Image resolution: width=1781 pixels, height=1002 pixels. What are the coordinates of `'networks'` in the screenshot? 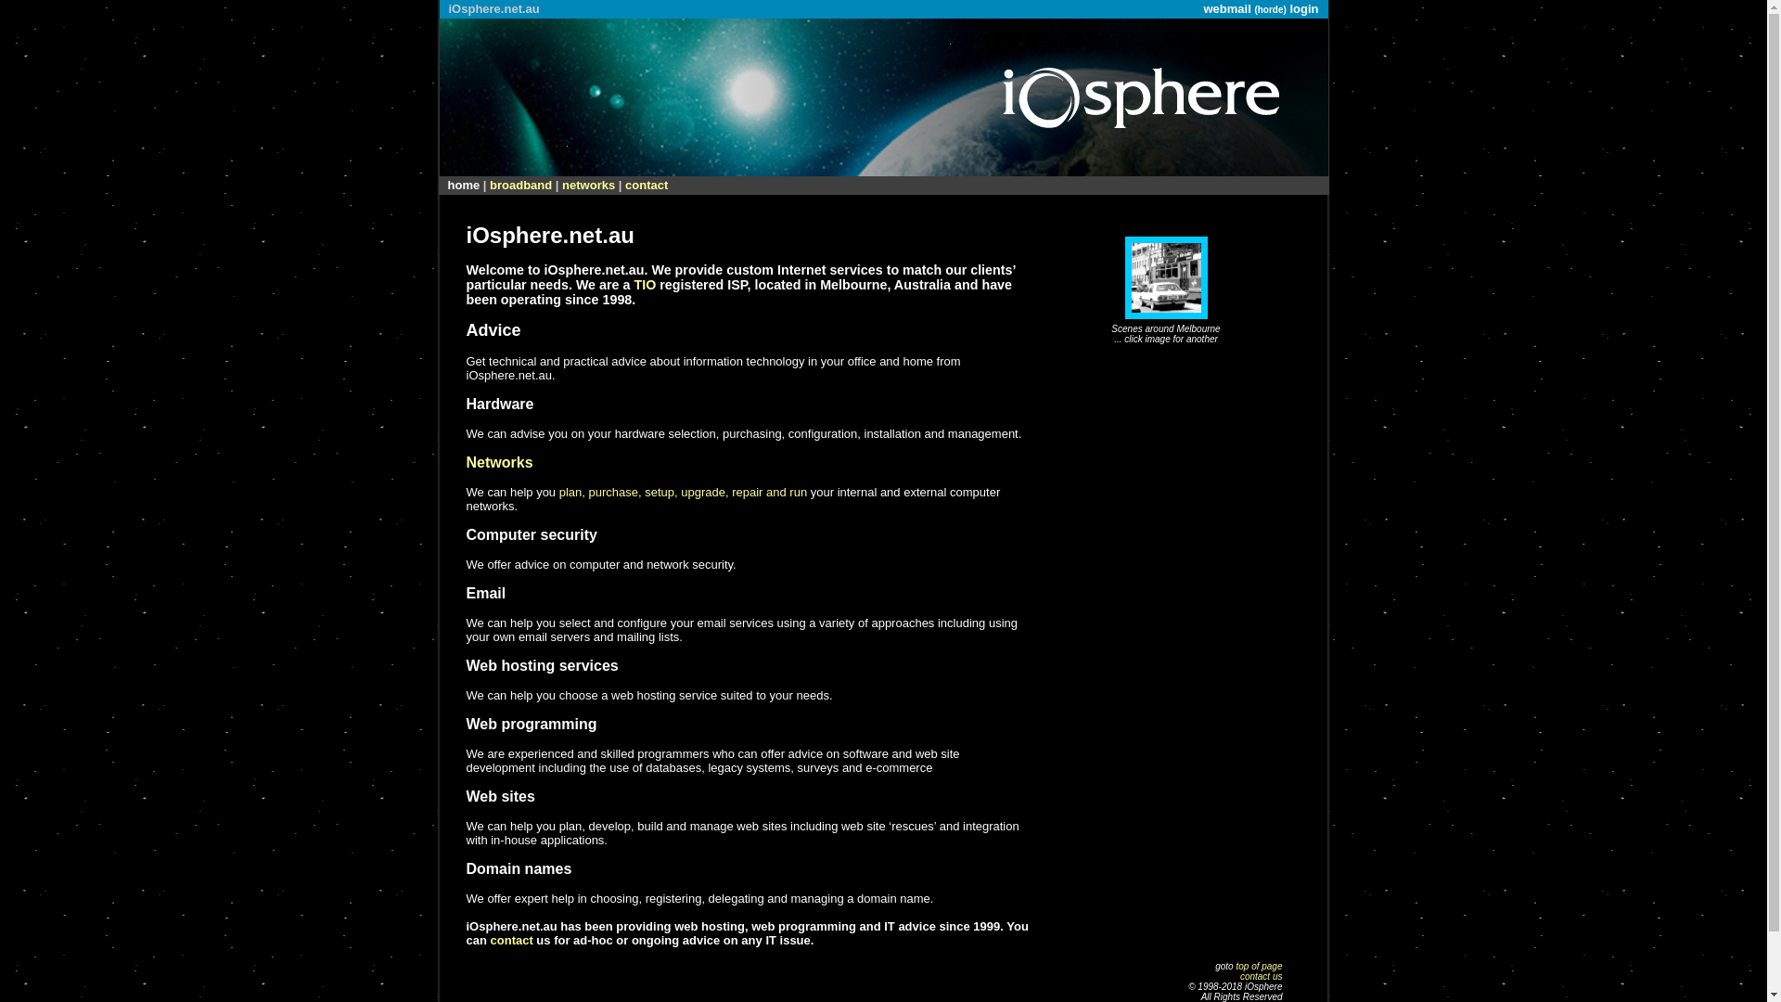 It's located at (587, 185).